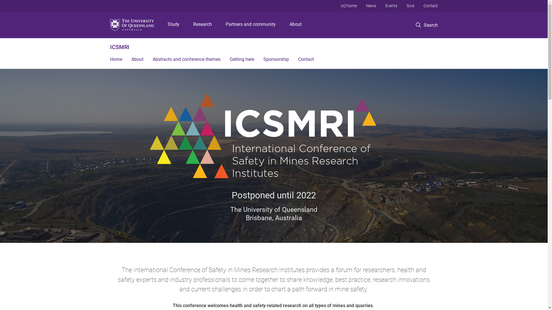 The width and height of the screenshot is (552, 310). I want to click on 'UQ home', so click(348, 6).